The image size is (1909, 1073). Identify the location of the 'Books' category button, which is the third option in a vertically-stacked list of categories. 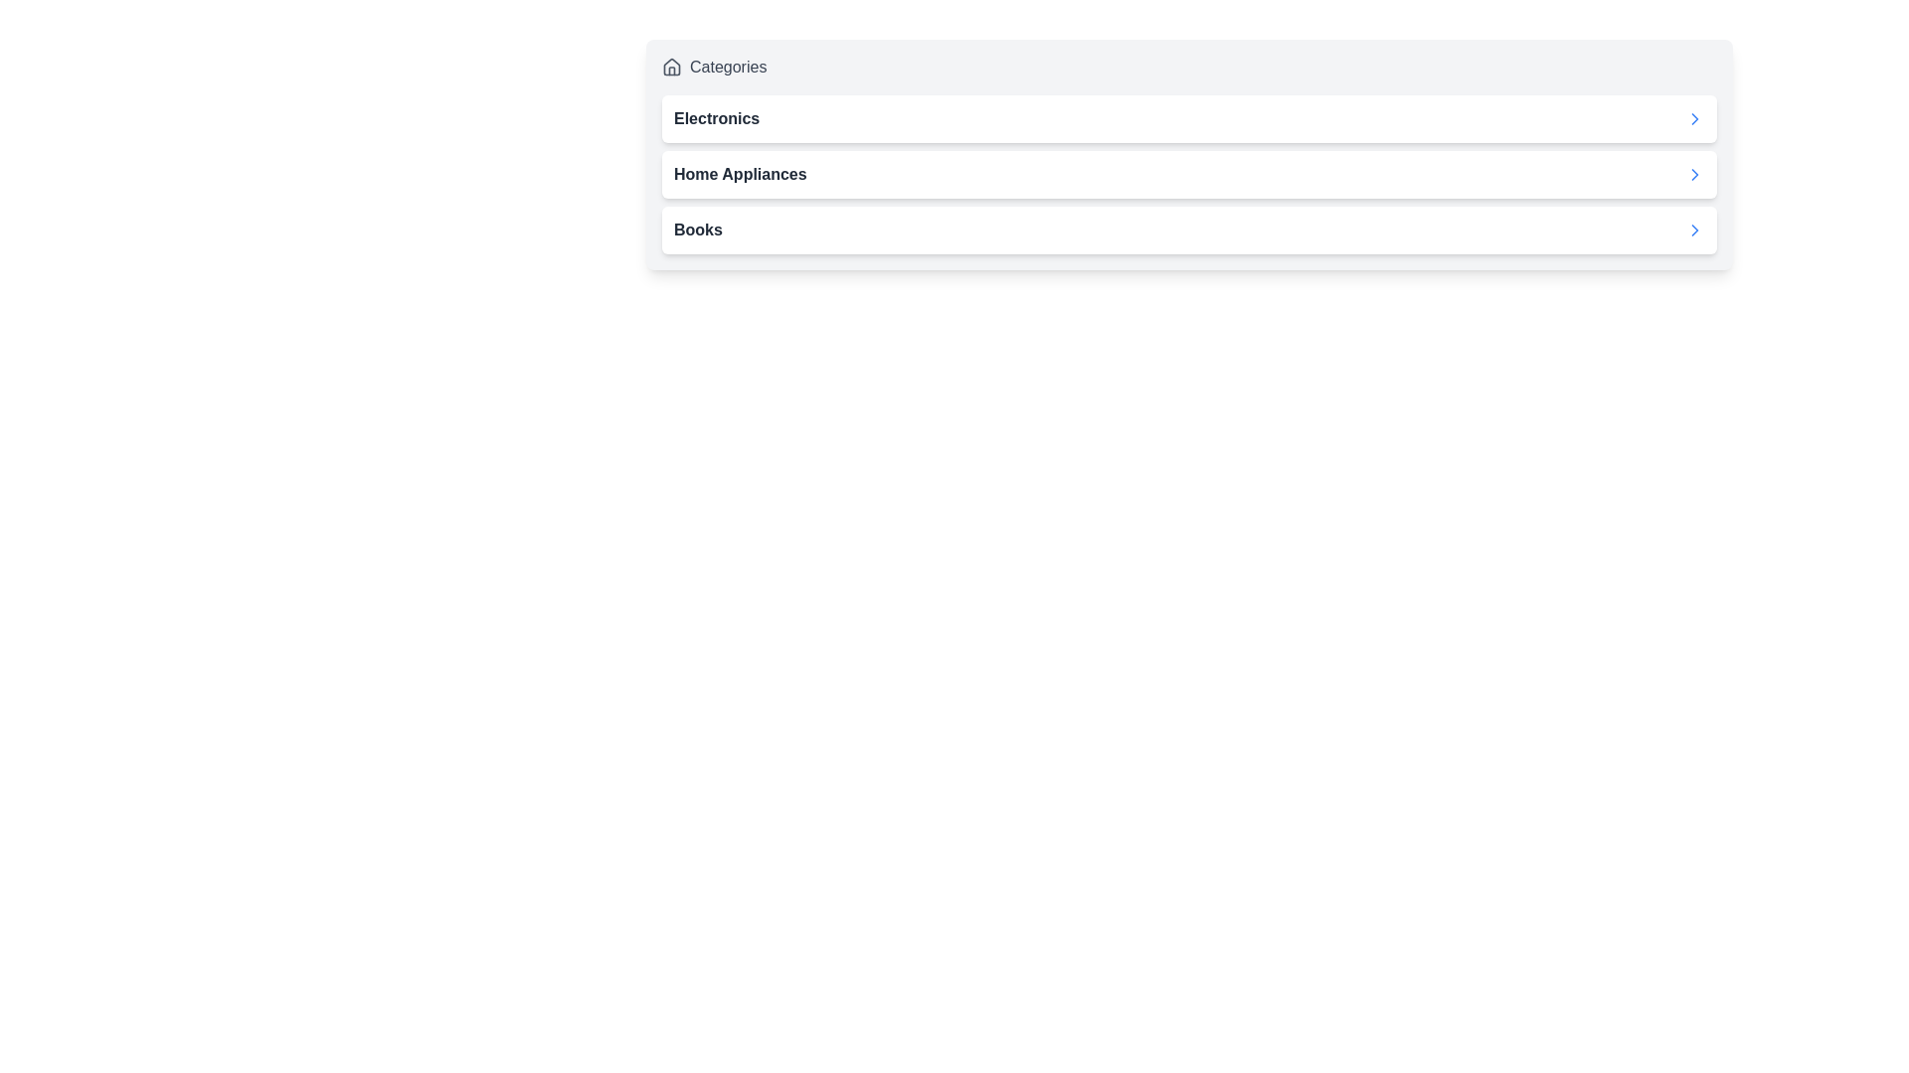
(1189, 229).